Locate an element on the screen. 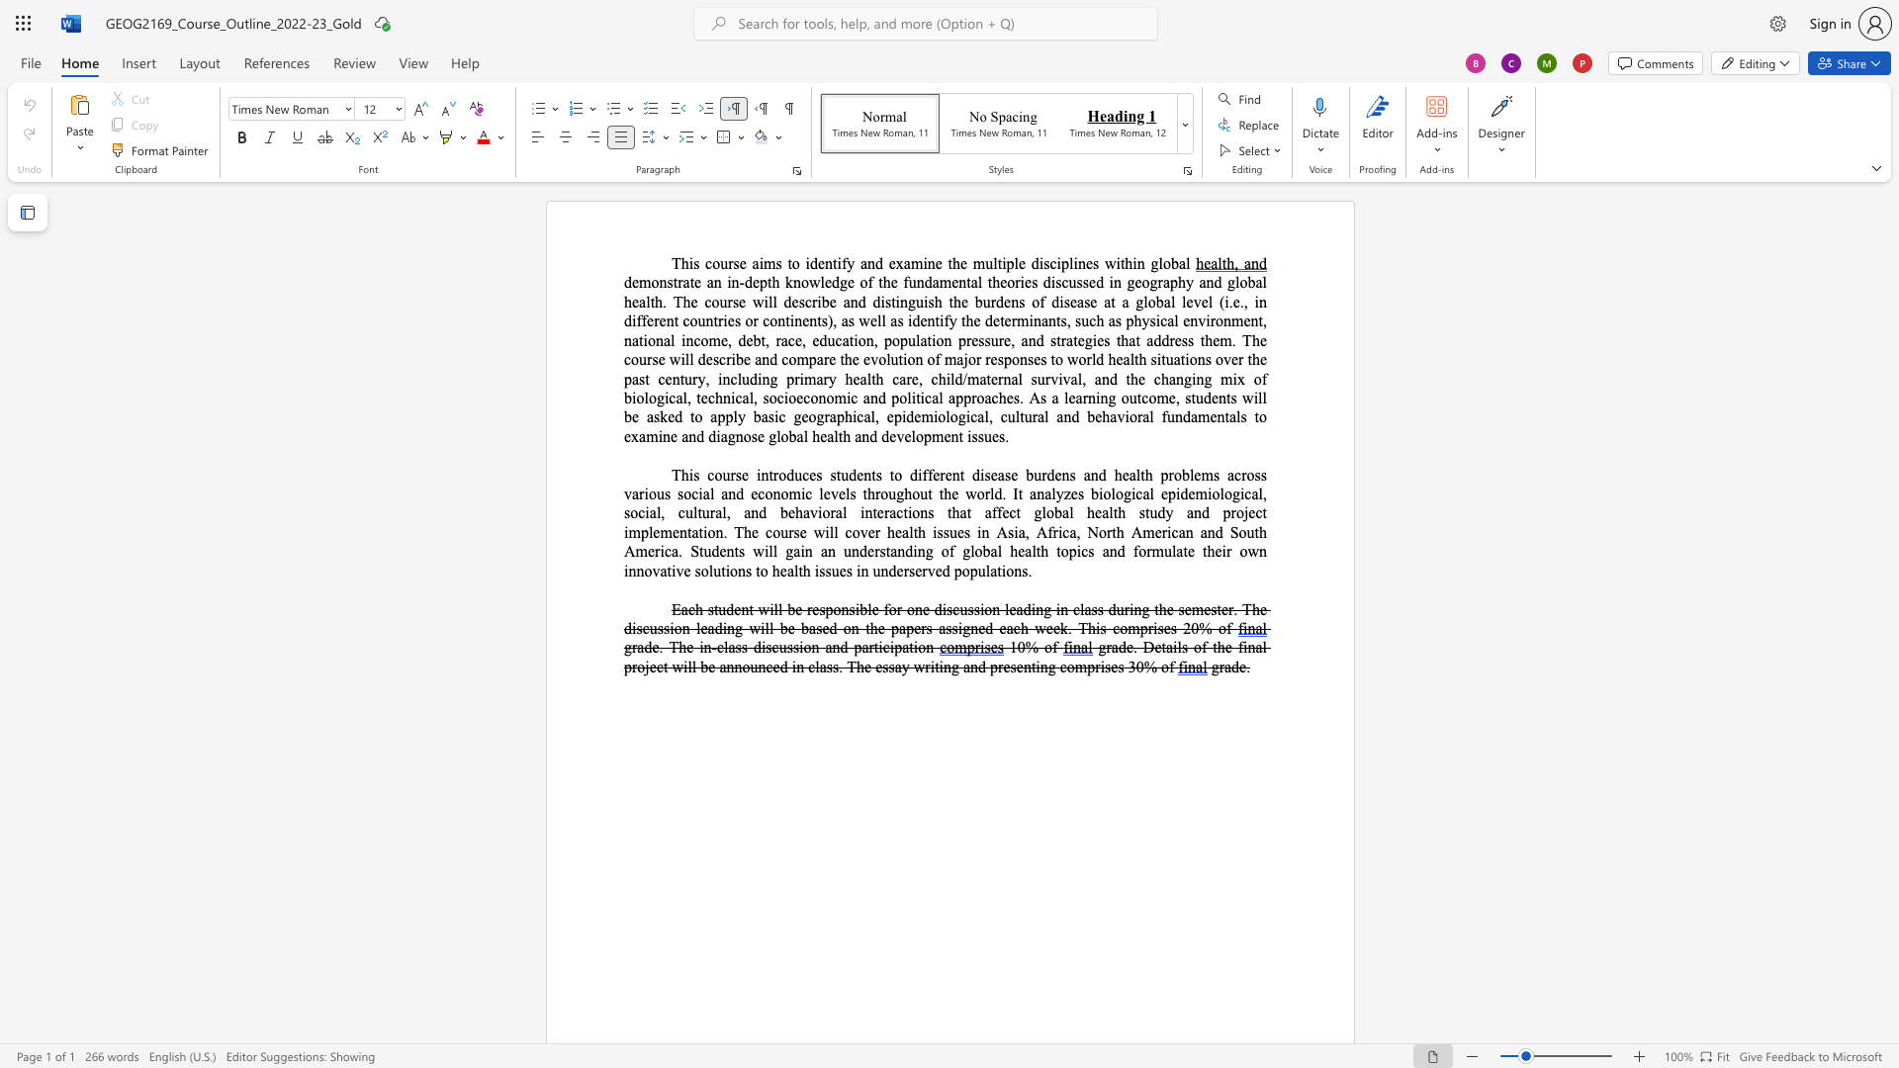 The height and width of the screenshot is (1068, 1899). the space between the continuous character "r" and "e" in the text is located at coordinates (1175, 339).